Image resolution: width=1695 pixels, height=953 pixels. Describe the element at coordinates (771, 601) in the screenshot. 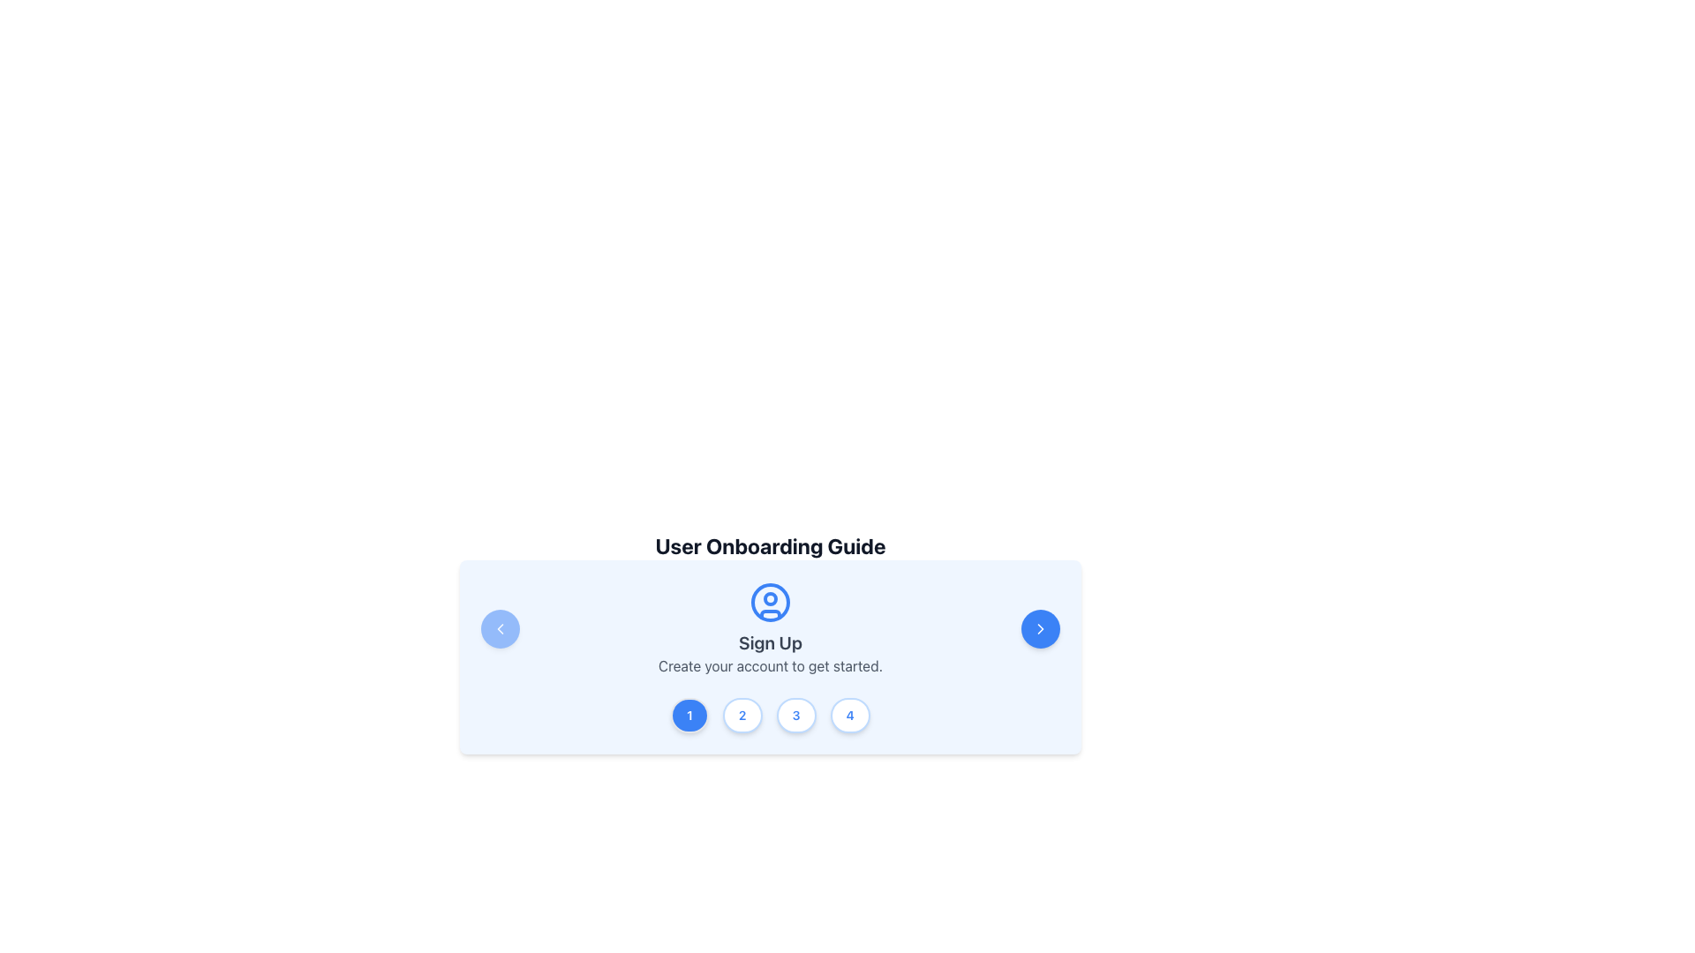

I see `the user profile icon located at the top center of the 'Sign Up' section in the onboarding card to navigate or display related functionalities` at that location.